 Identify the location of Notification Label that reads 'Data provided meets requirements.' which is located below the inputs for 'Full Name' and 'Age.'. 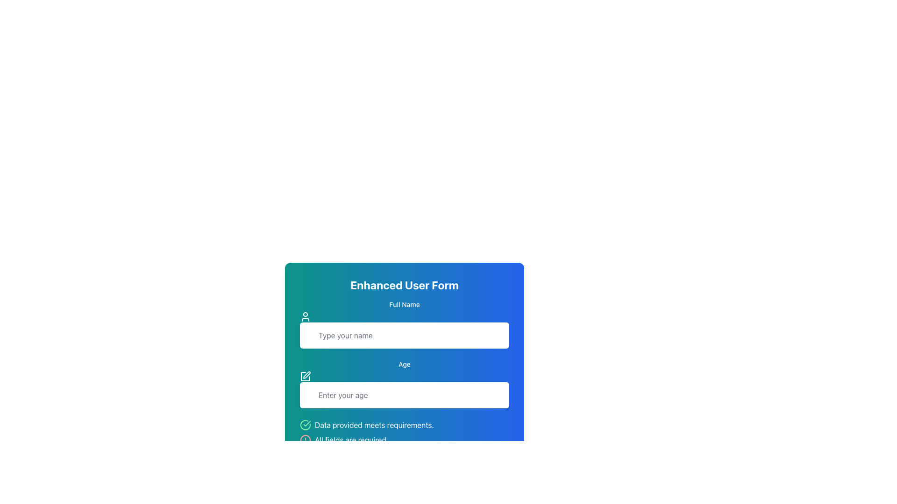
(404, 425).